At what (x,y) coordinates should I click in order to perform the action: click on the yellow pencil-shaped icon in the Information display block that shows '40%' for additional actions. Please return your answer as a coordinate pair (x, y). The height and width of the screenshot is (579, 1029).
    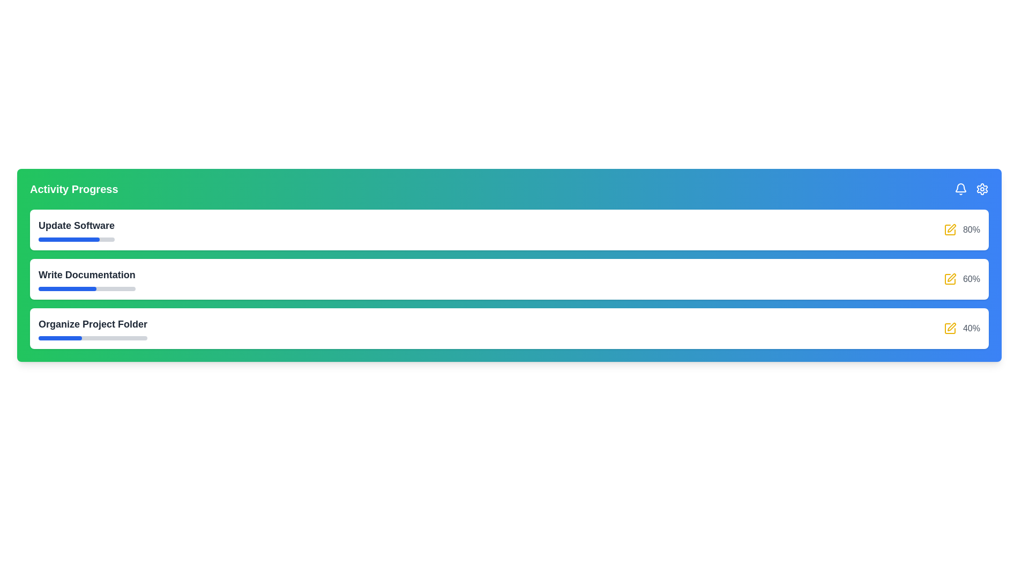
    Looking at the image, I should click on (962, 328).